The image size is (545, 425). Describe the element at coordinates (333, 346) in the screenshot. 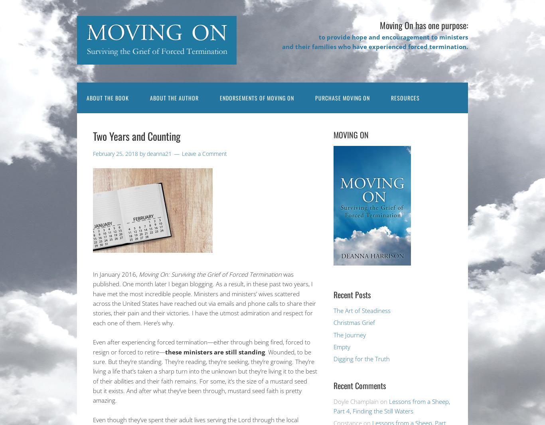

I see `'Empty'` at that location.